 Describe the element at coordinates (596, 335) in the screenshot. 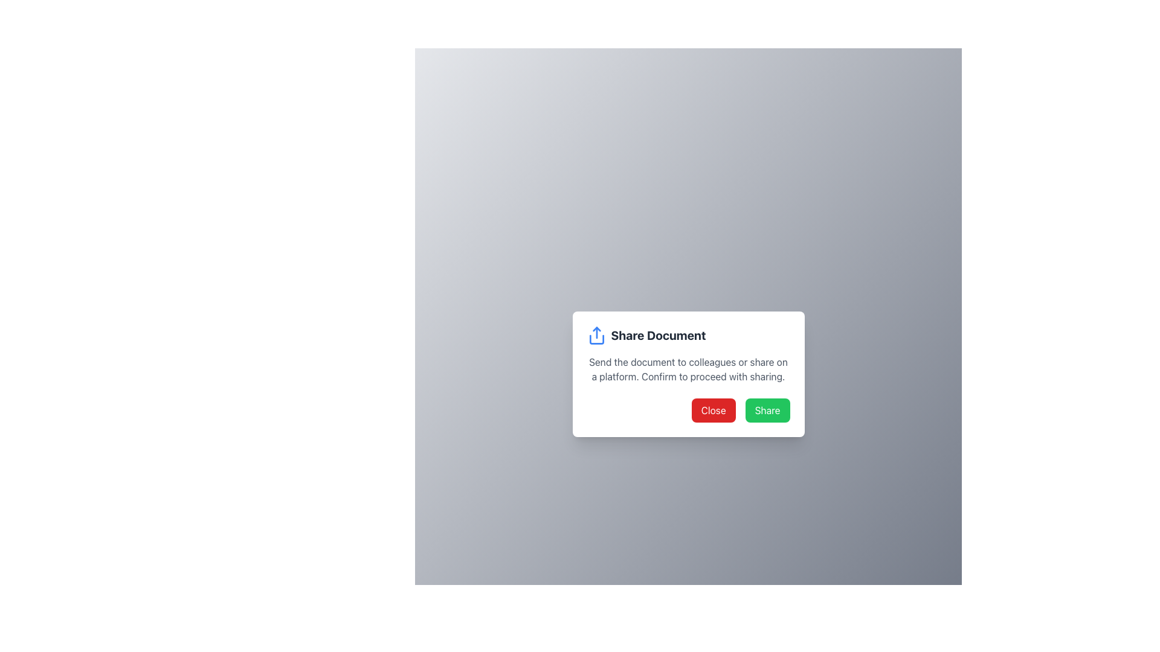

I see `the blue upward-pointing arrow icon to the left of the 'Share Document' text` at that location.